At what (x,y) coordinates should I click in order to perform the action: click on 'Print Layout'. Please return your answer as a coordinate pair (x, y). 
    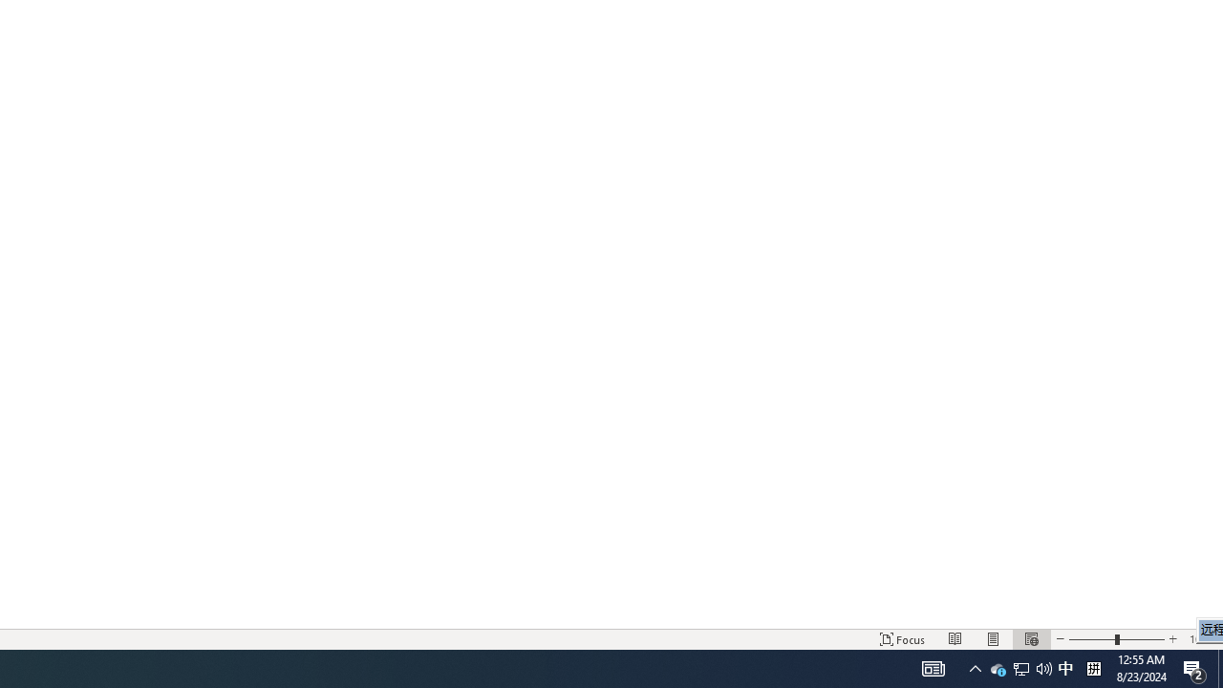
    Looking at the image, I should click on (994, 639).